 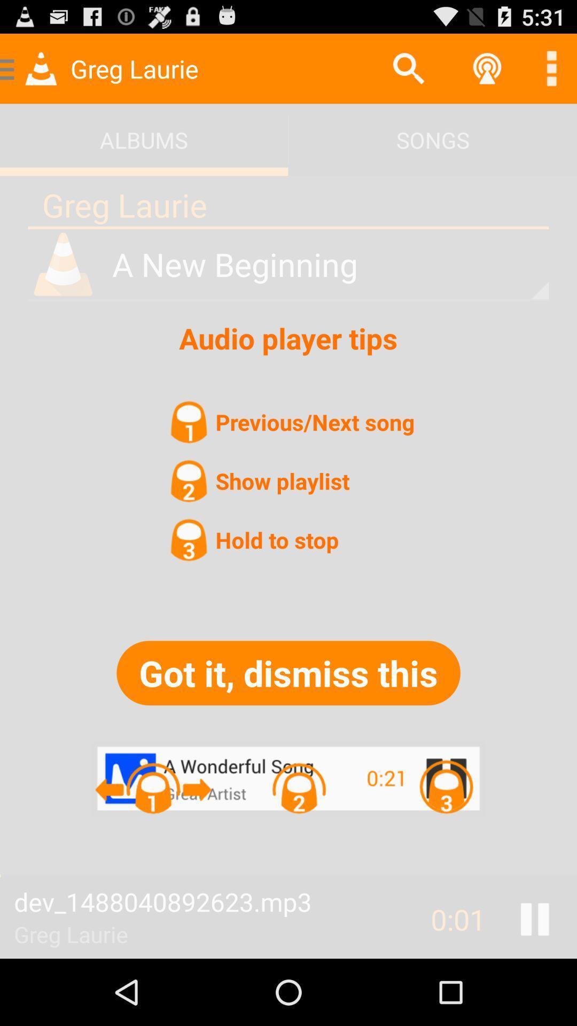 What do you see at coordinates (535, 983) in the screenshot?
I see `the pause icon` at bounding box center [535, 983].